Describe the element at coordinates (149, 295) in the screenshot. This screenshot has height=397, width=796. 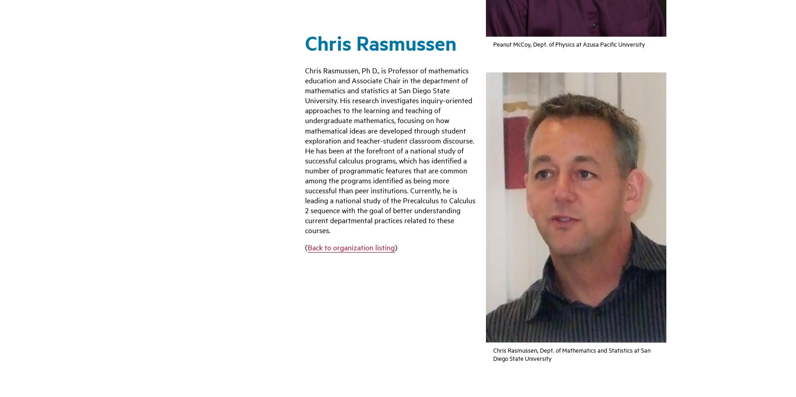
I see `'310.338.2700'` at that location.